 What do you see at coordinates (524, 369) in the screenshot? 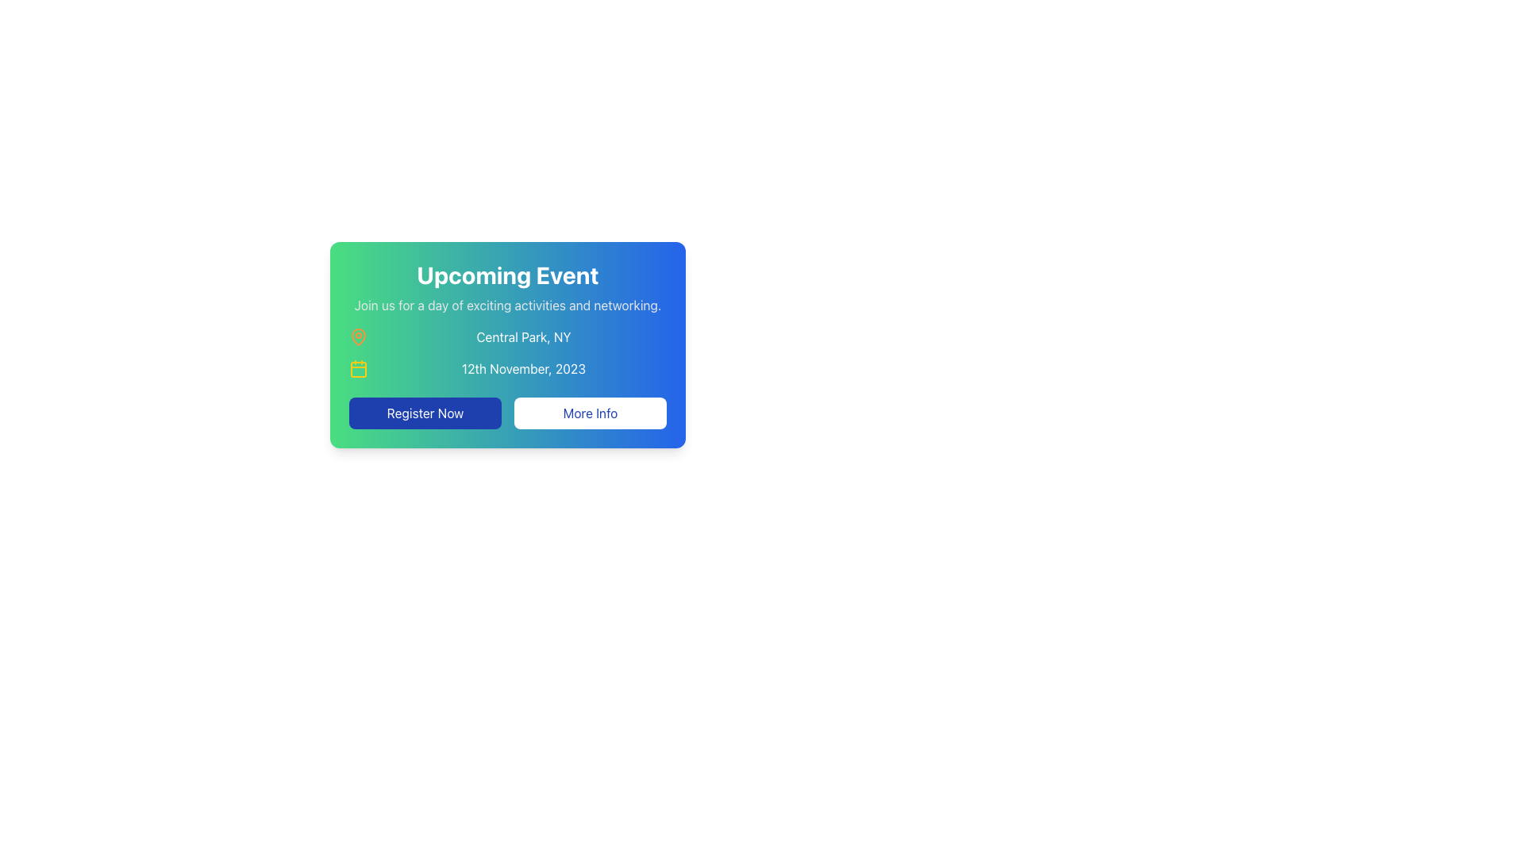
I see `the non-interactive text label that displays the date information for the upcoming event, located below the 'Central Park, NY' text and to the right of a yellow calendar icon` at bounding box center [524, 369].